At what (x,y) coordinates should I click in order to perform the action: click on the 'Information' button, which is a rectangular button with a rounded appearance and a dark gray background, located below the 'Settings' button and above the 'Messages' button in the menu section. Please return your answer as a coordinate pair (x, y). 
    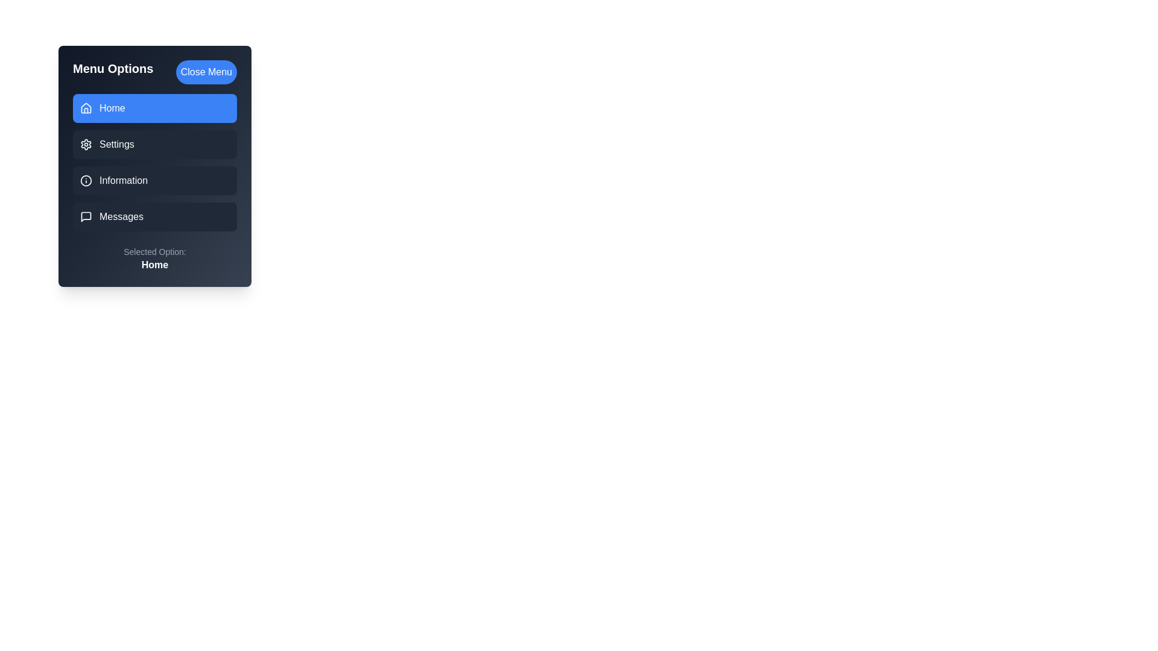
    Looking at the image, I should click on (154, 181).